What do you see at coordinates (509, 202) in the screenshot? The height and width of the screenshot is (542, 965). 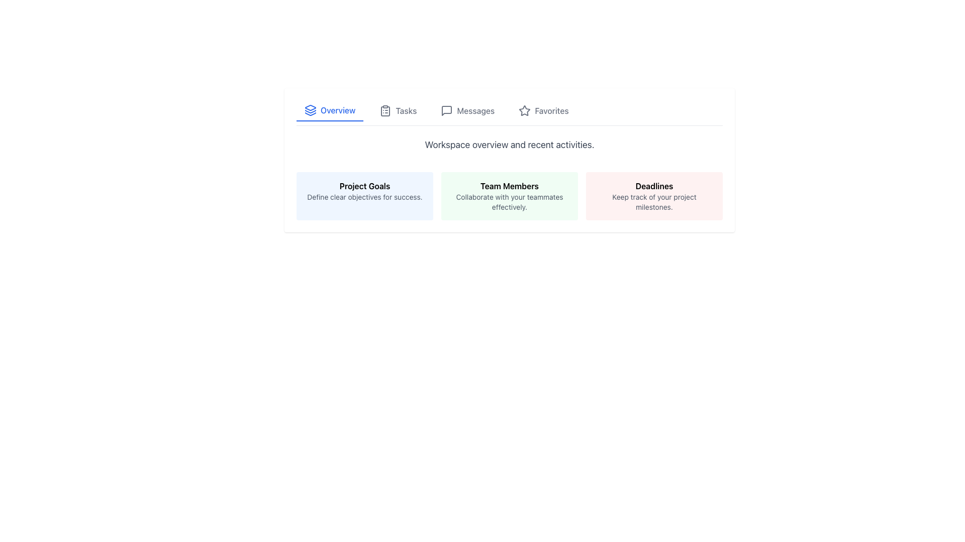 I see `the text element that reads 'Collaborate with your teammates effectively.' located within the green-bordered card labeled 'Team Members', positioned directly below the heading 'Team Members'` at bounding box center [509, 202].